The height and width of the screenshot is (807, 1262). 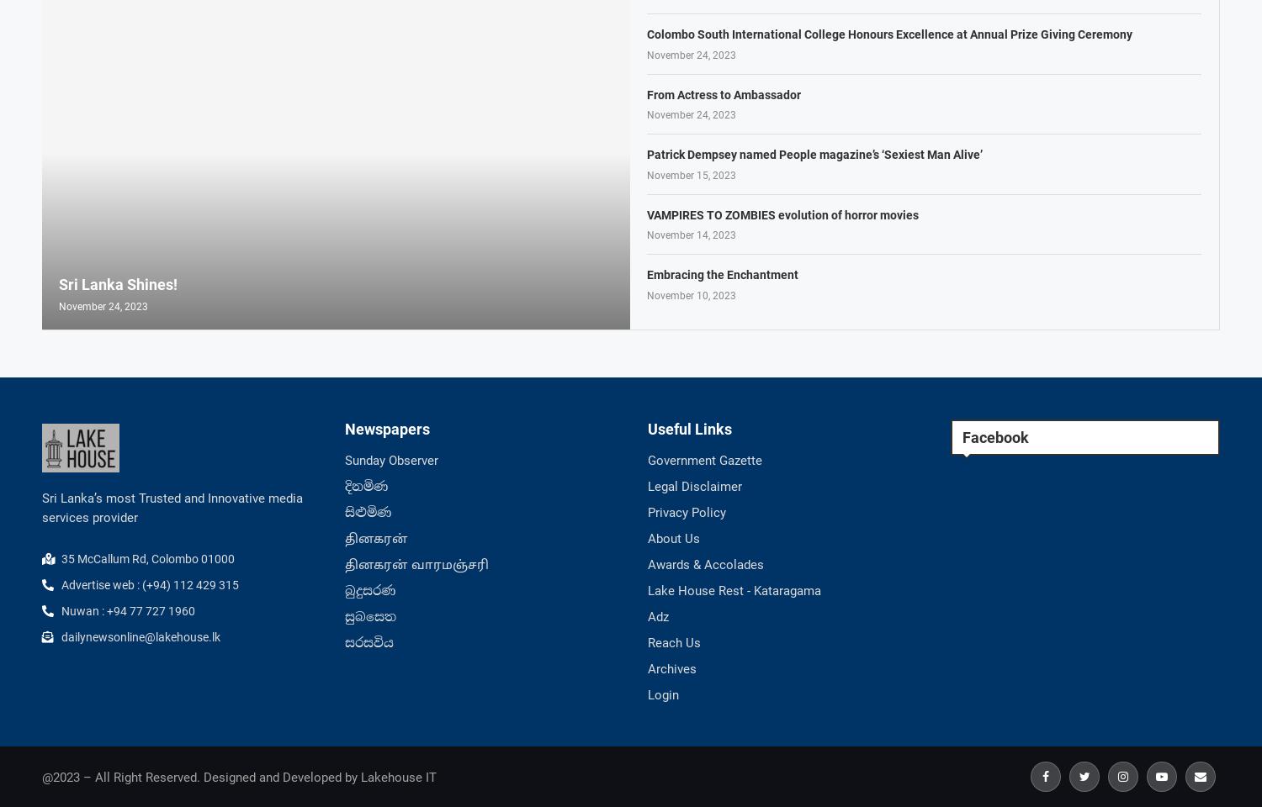 What do you see at coordinates (686, 511) in the screenshot?
I see `'Privacy Policy'` at bounding box center [686, 511].